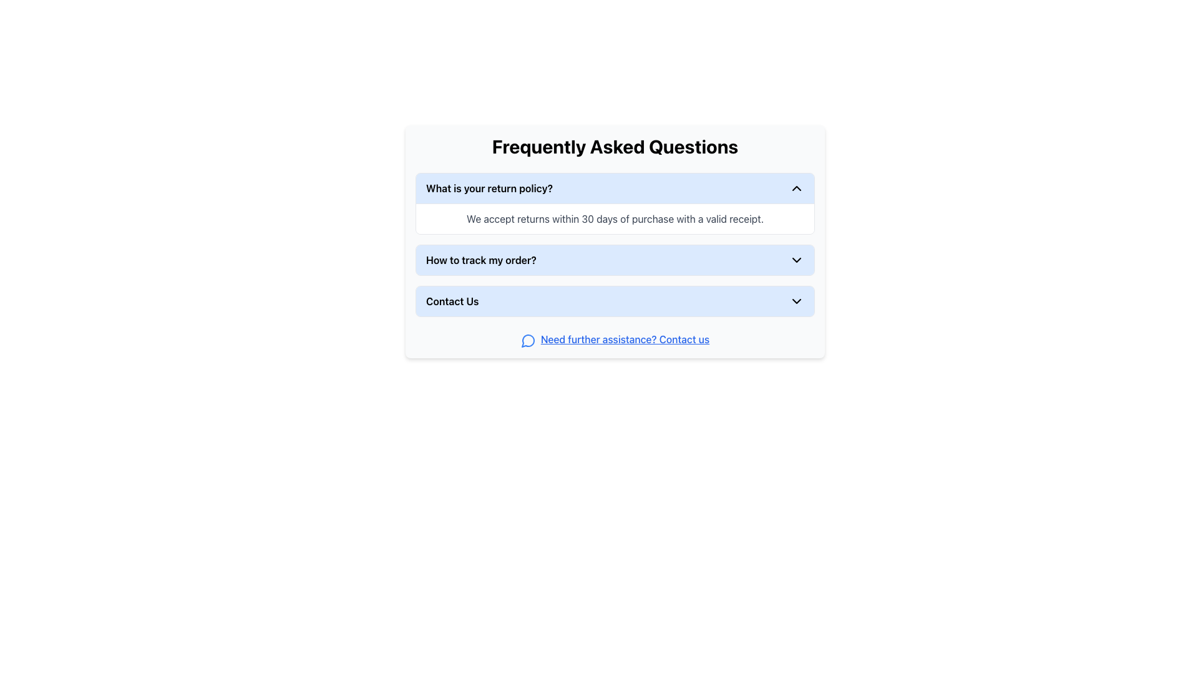 The height and width of the screenshot is (674, 1198). What do you see at coordinates (480, 259) in the screenshot?
I see `the heading text label for the second FAQ question` at bounding box center [480, 259].